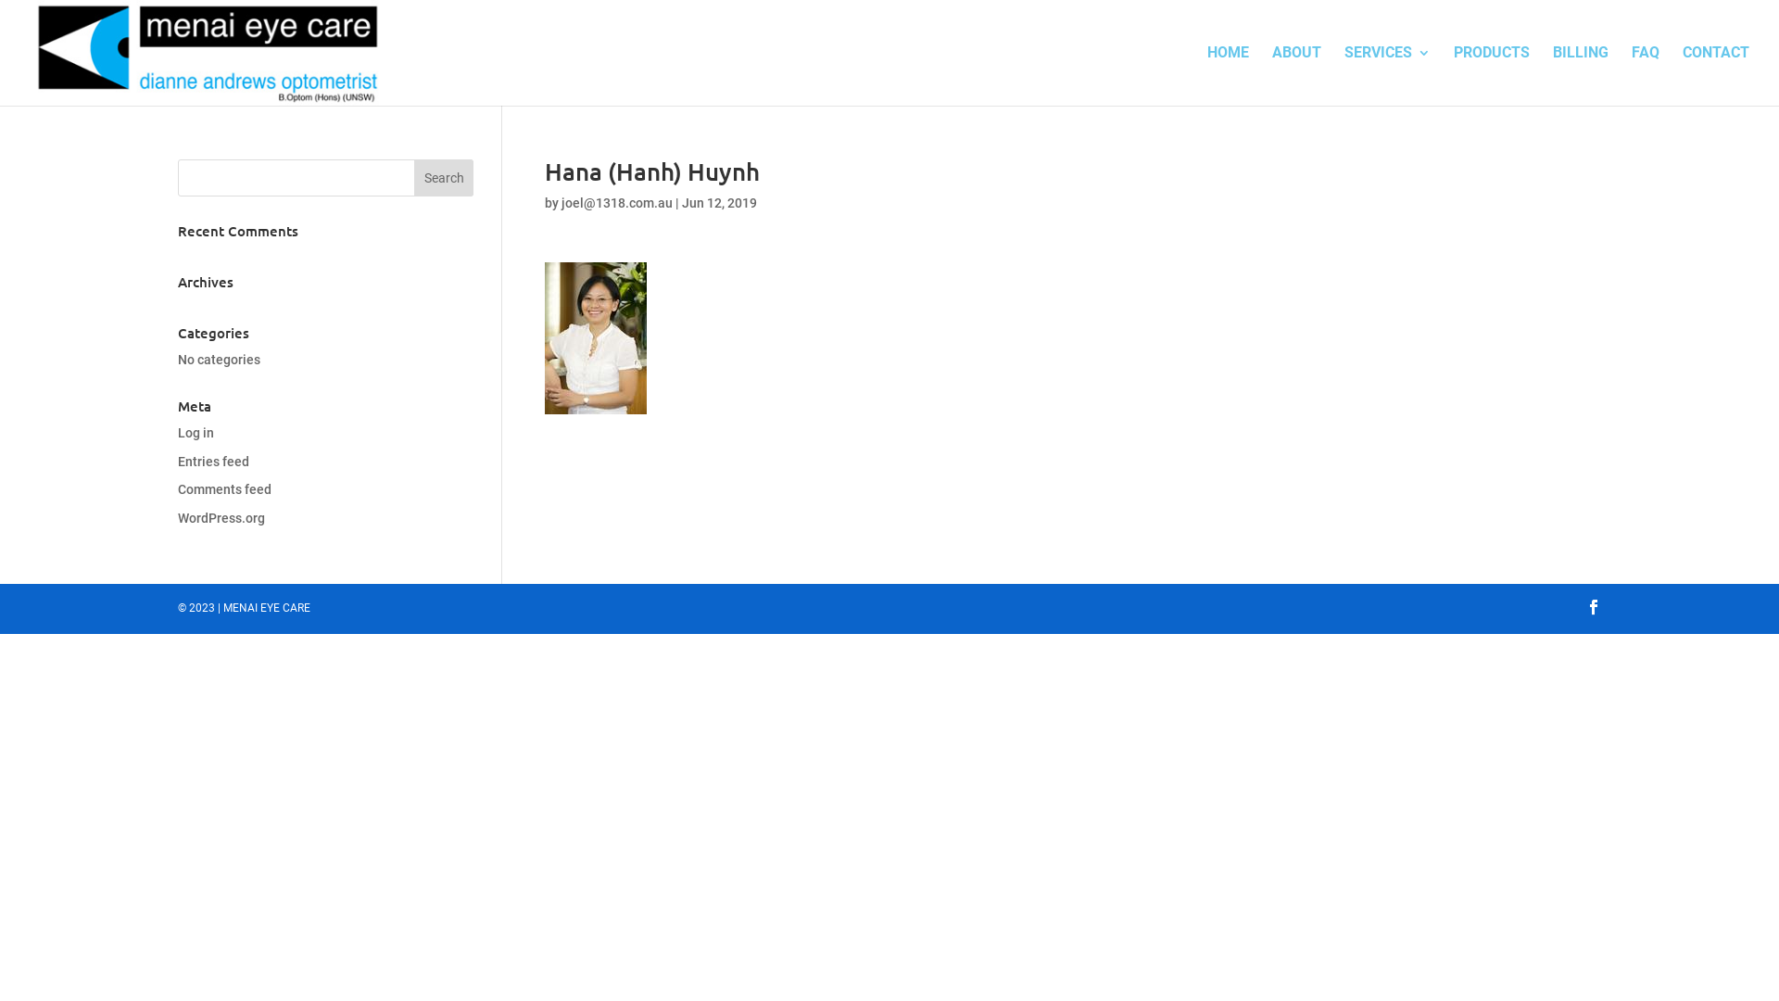 The image size is (1779, 1001). I want to click on 'joel@1318.com.au', so click(560, 203).